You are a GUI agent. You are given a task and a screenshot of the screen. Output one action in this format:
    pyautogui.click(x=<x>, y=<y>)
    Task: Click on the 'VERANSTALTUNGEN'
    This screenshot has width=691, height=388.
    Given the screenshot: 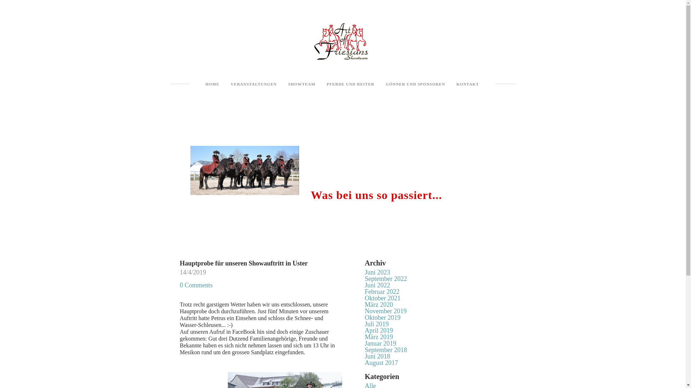 What is the action you would take?
    pyautogui.click(x=254, y=84)
    